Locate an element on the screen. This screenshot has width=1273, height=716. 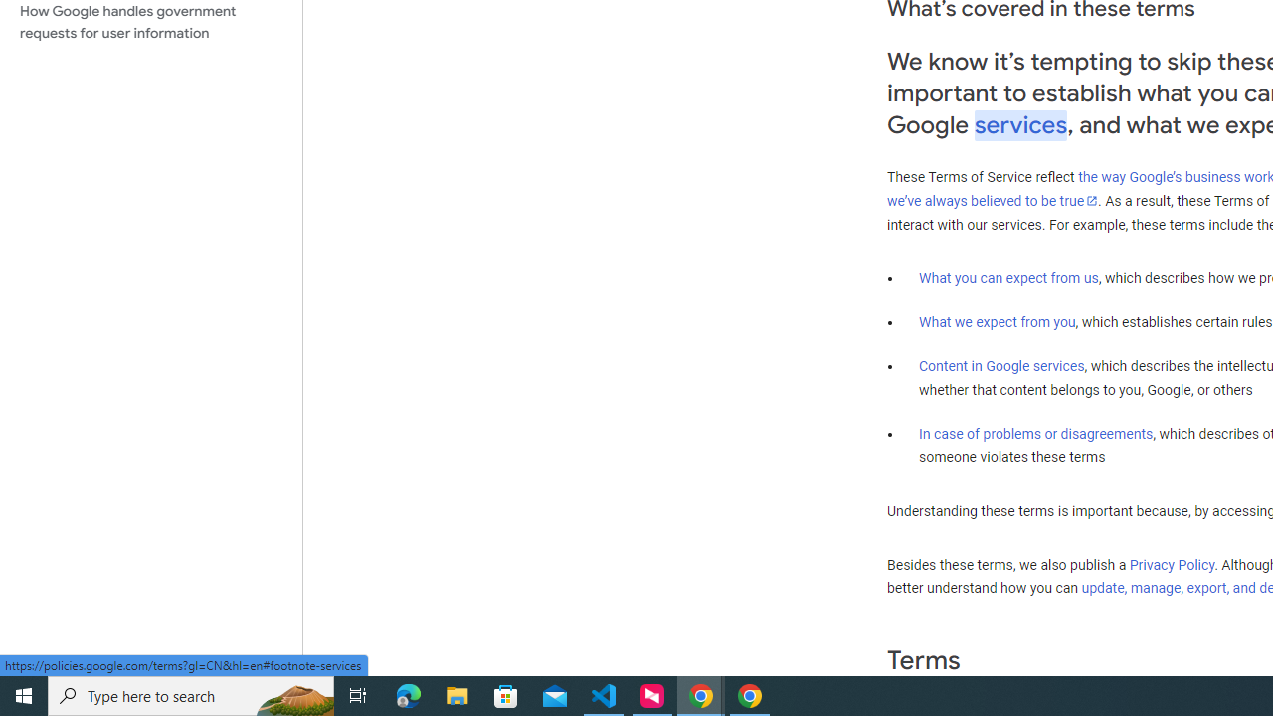
'What we expect from you' is located at coordinates (997, 321).